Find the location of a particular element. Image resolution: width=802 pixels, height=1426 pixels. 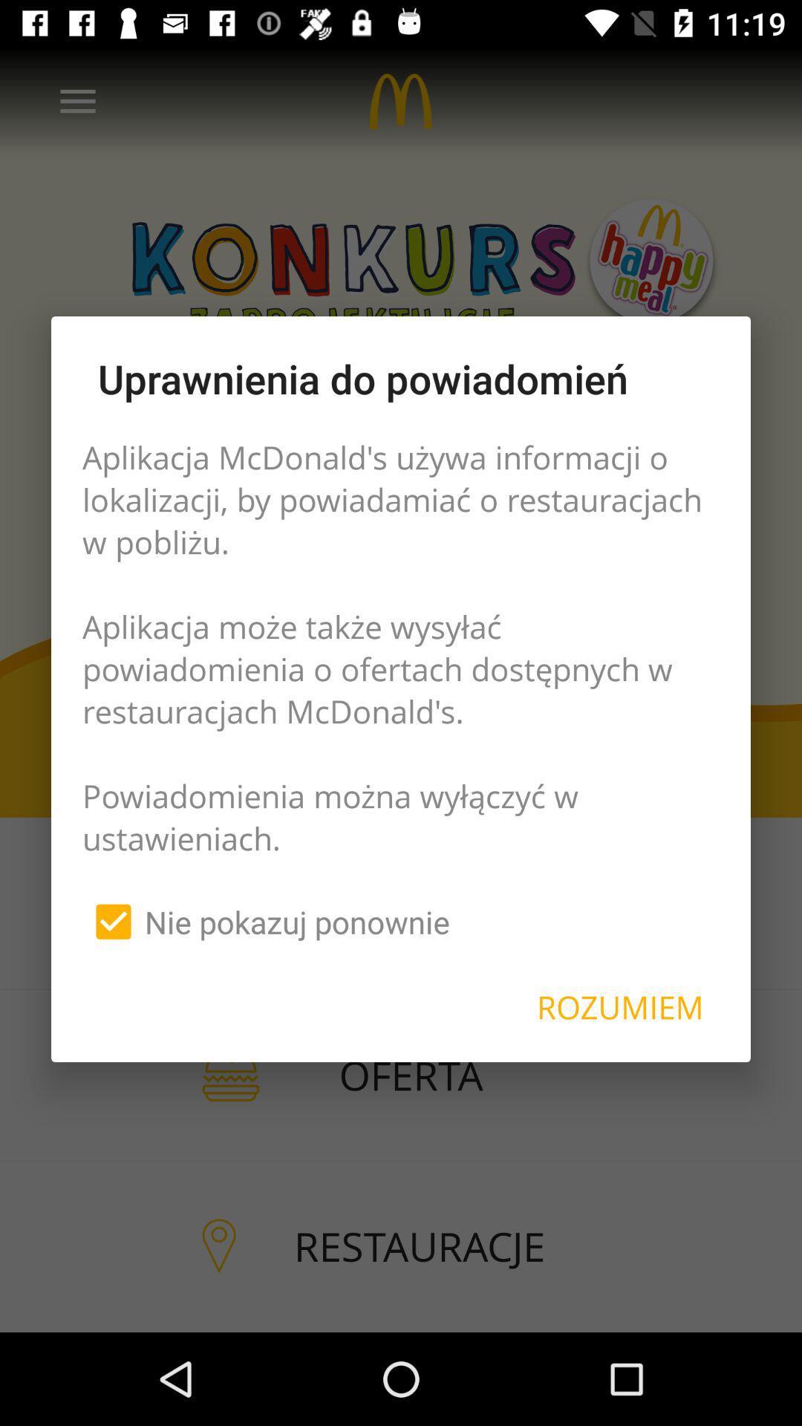

the icon to the left of rozumiem is located at coordinates (265, 921).